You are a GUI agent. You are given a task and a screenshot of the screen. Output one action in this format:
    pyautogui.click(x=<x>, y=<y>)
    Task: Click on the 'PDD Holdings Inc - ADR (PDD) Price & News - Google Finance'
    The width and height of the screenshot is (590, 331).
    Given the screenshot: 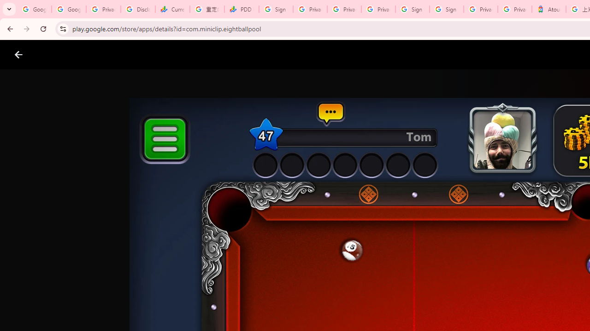 What is the action you would take?
    pyautogui.click(x=242, y=9)
    